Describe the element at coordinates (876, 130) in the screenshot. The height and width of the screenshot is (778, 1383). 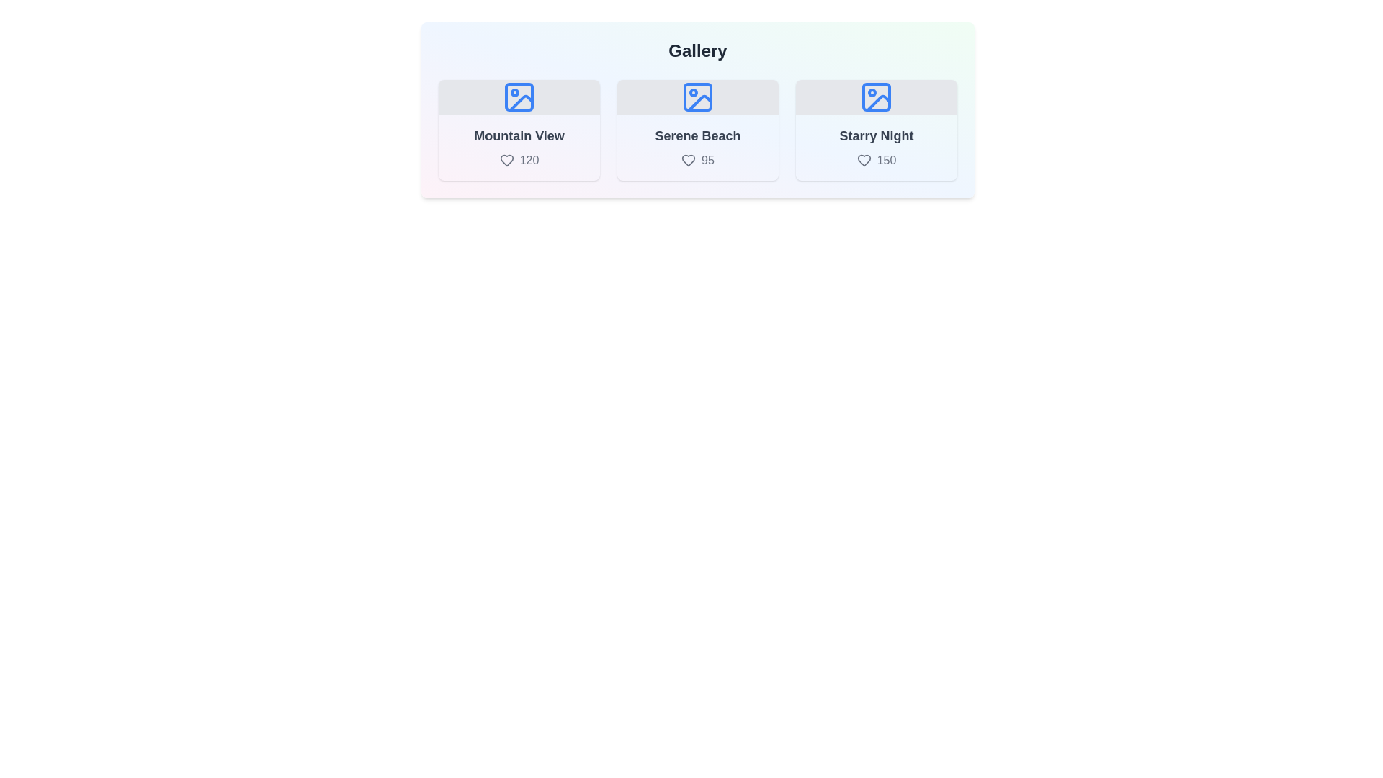
I see `the image section to view details for Starry Night` at that location.